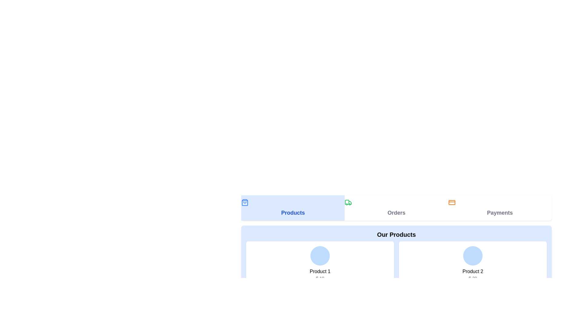 The height and width of the screenshot is (327, 582). I want to click on the 'Products' Navigation Tab, which is the first tab in a horizontal navigation bar on a white background, to navigate the user to the products section, so click(293, 207).